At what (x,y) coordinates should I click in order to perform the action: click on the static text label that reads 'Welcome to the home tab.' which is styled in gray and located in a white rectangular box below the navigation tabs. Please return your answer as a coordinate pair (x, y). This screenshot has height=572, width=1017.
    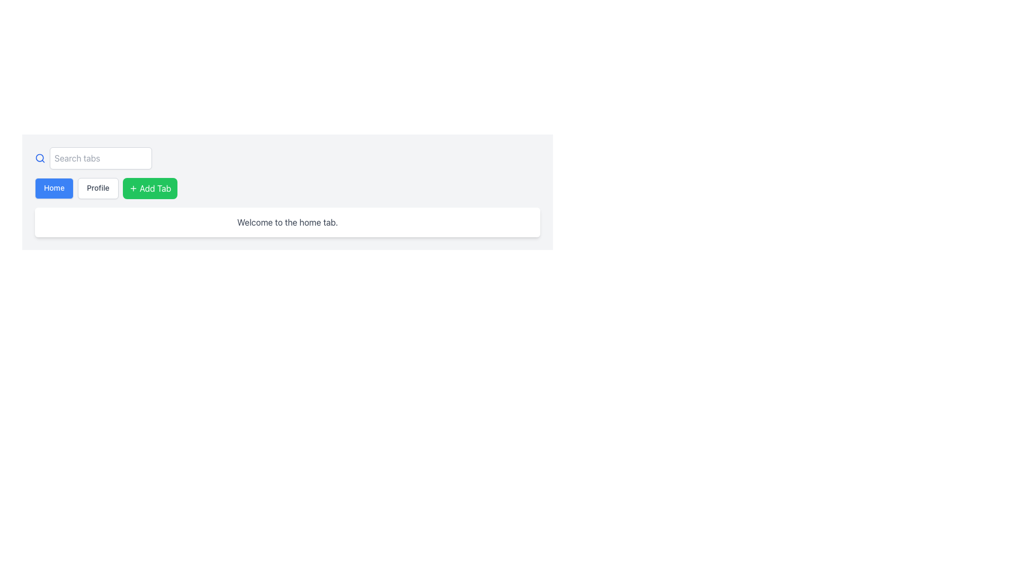
    Looking at the image, I should click on (287, 222).